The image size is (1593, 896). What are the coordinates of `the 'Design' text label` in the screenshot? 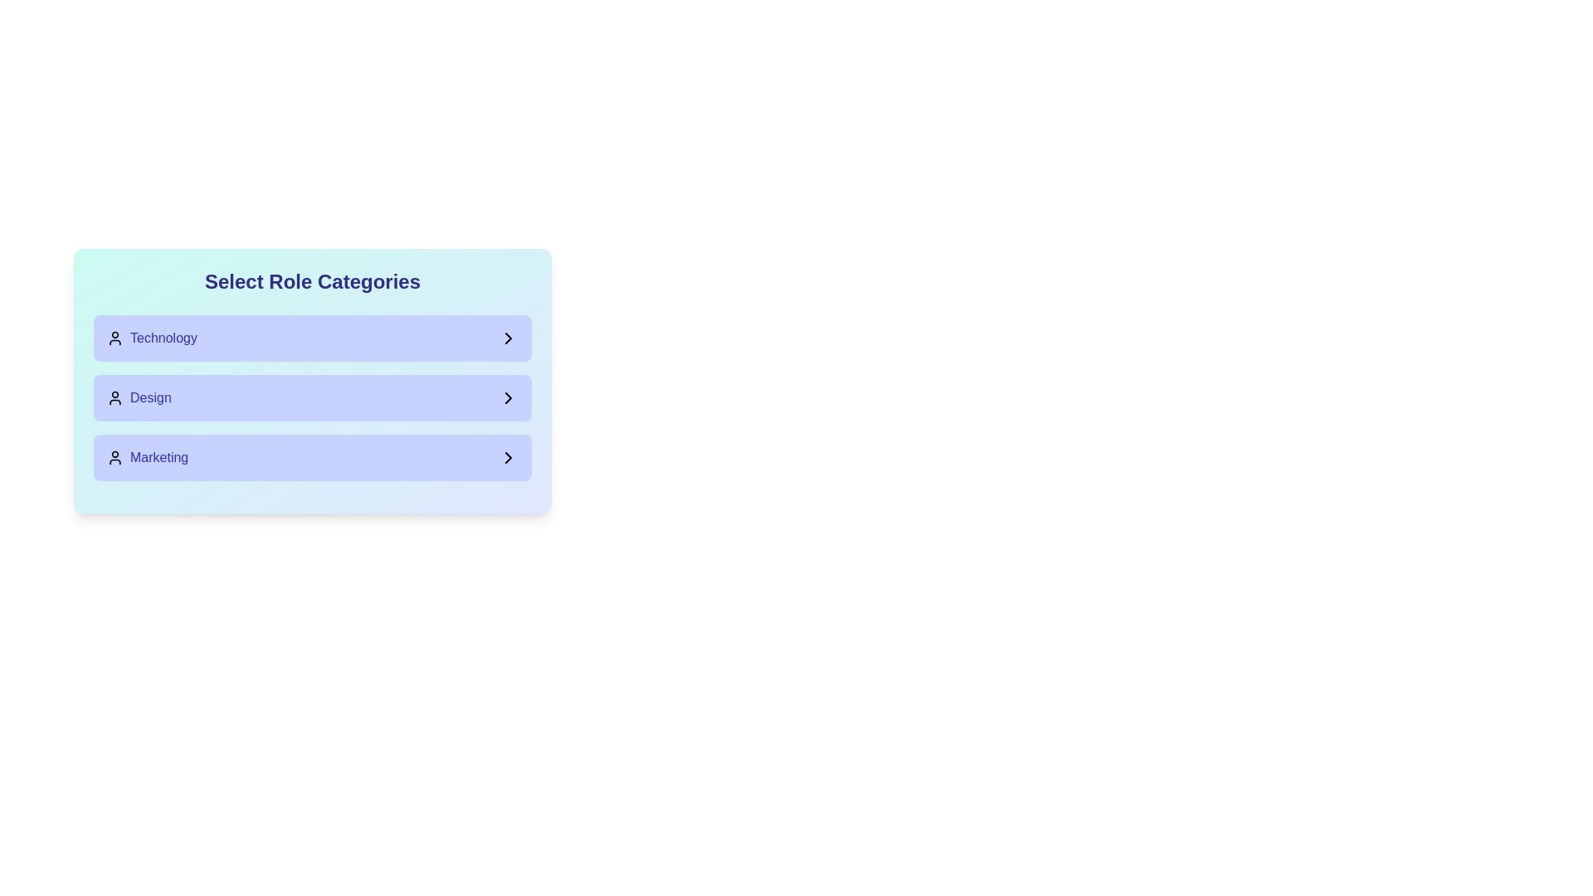 It's located at (139, 397).